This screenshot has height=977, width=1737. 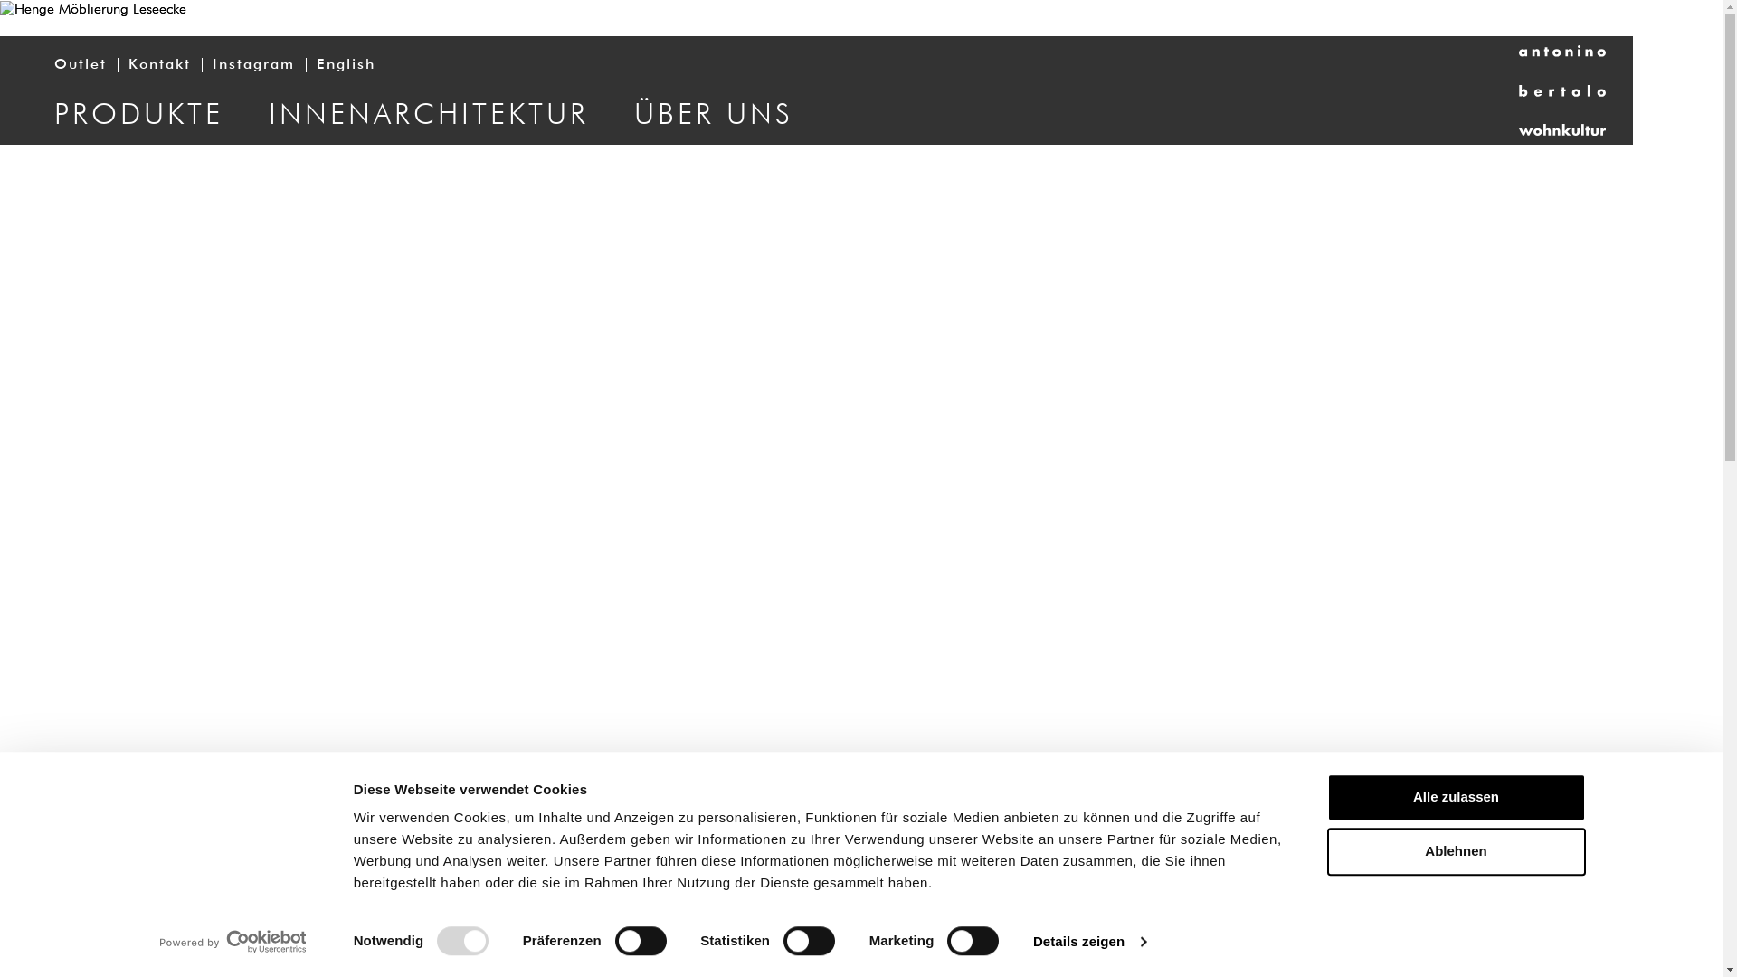 I want to click on 'Ablehnen', so click(x=1455, y=852).